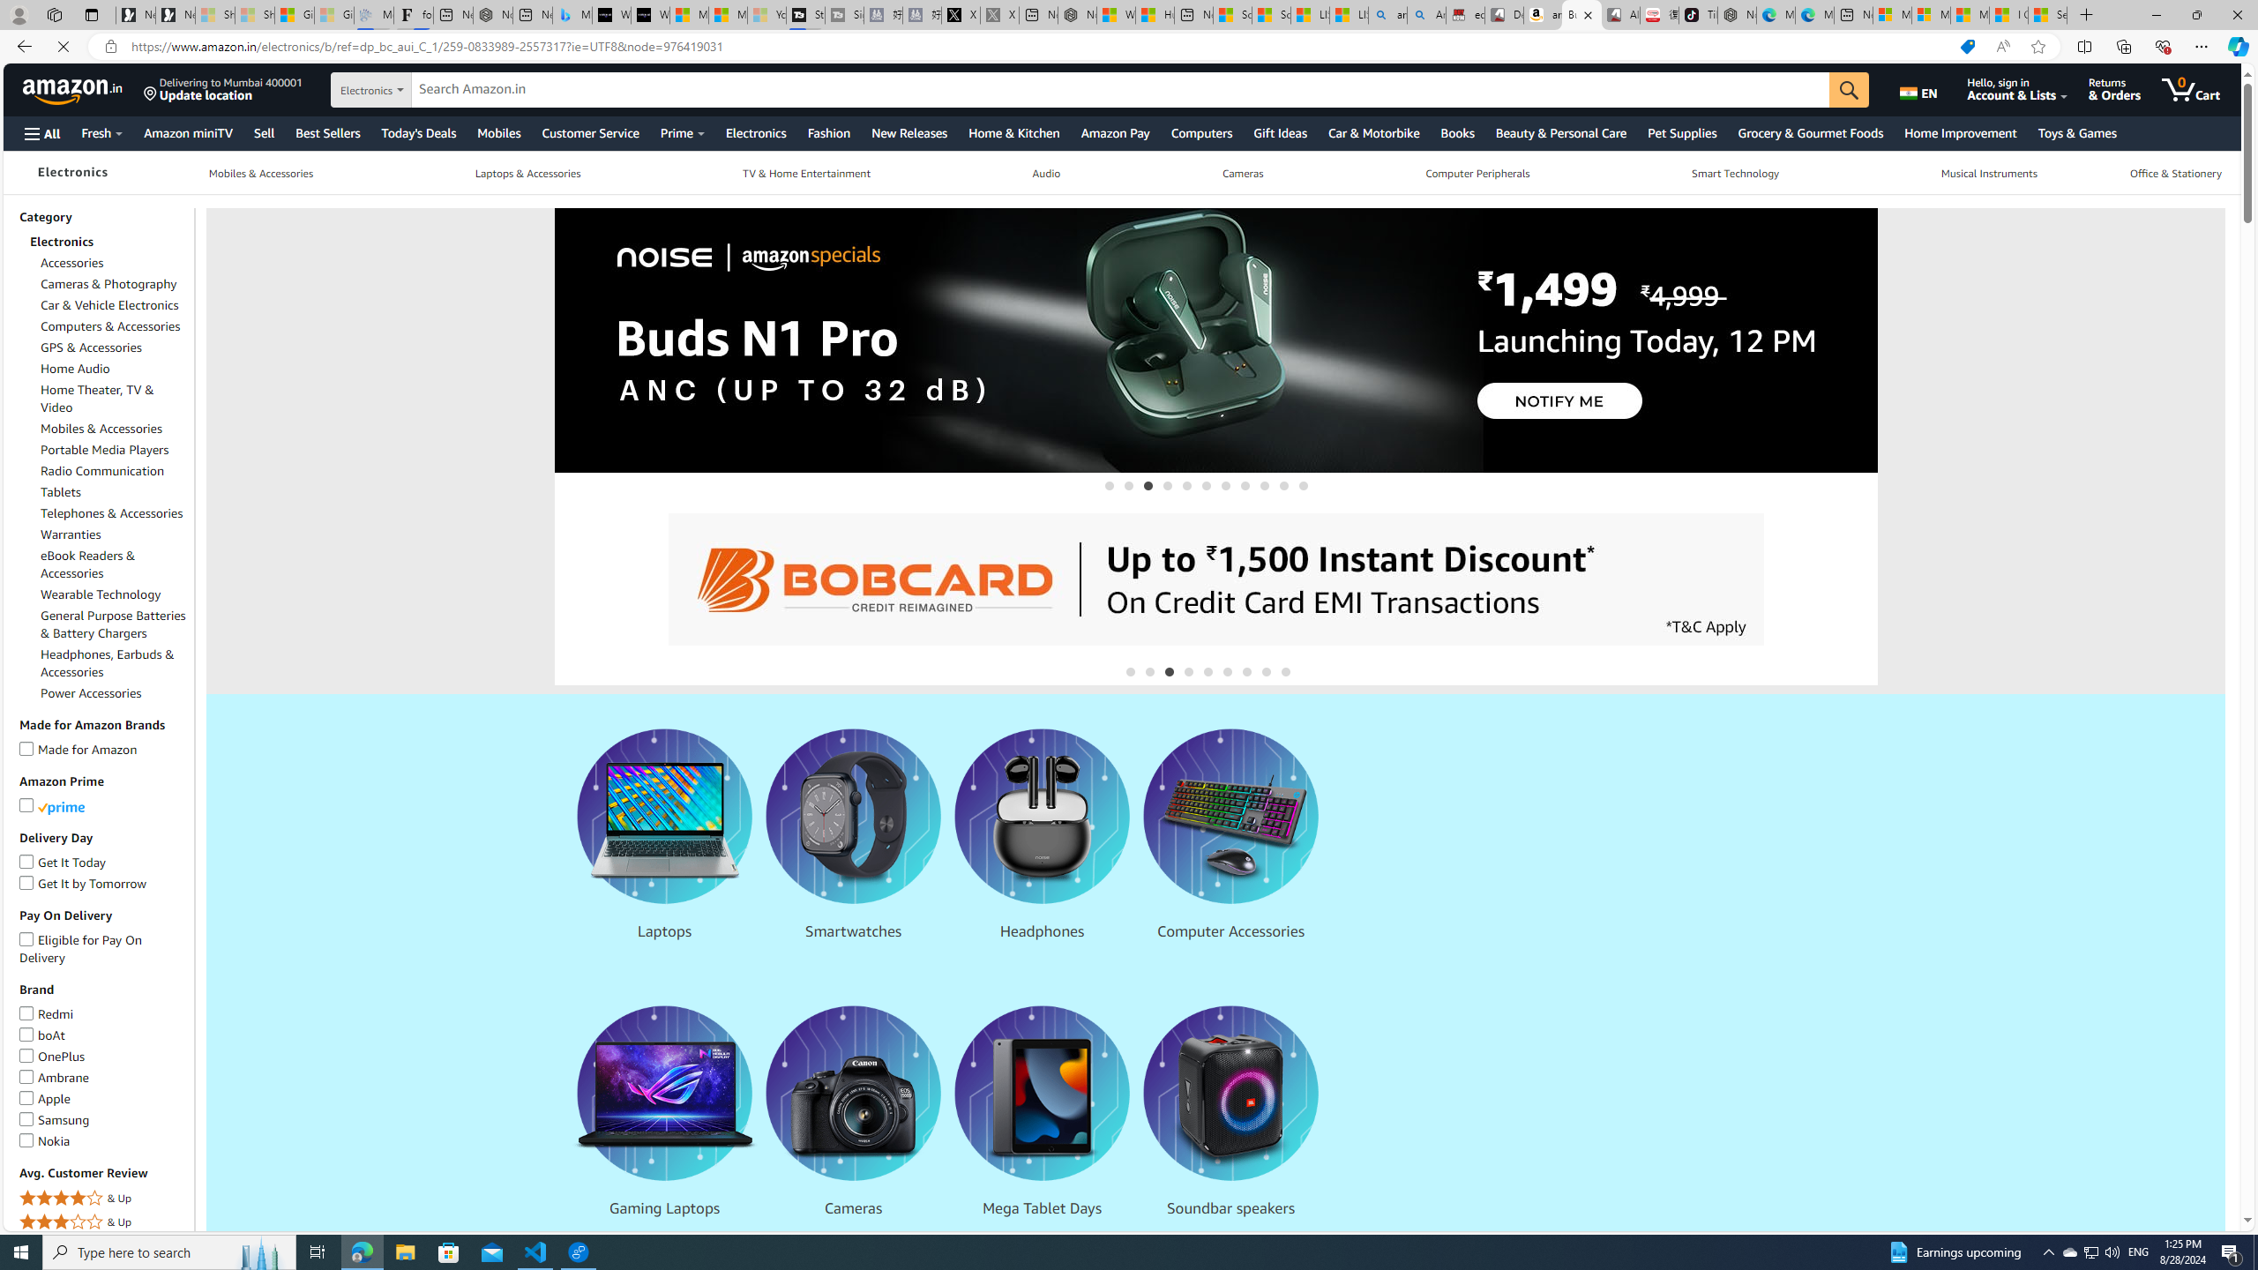 The image size is (2258, 1270). What do you see at coordinates (492, 14) in the screenshot?
I see `'Nordace - #1 Japanese Best-Seller - Siena Smart Backpack'` at bounding box center [492, 14].